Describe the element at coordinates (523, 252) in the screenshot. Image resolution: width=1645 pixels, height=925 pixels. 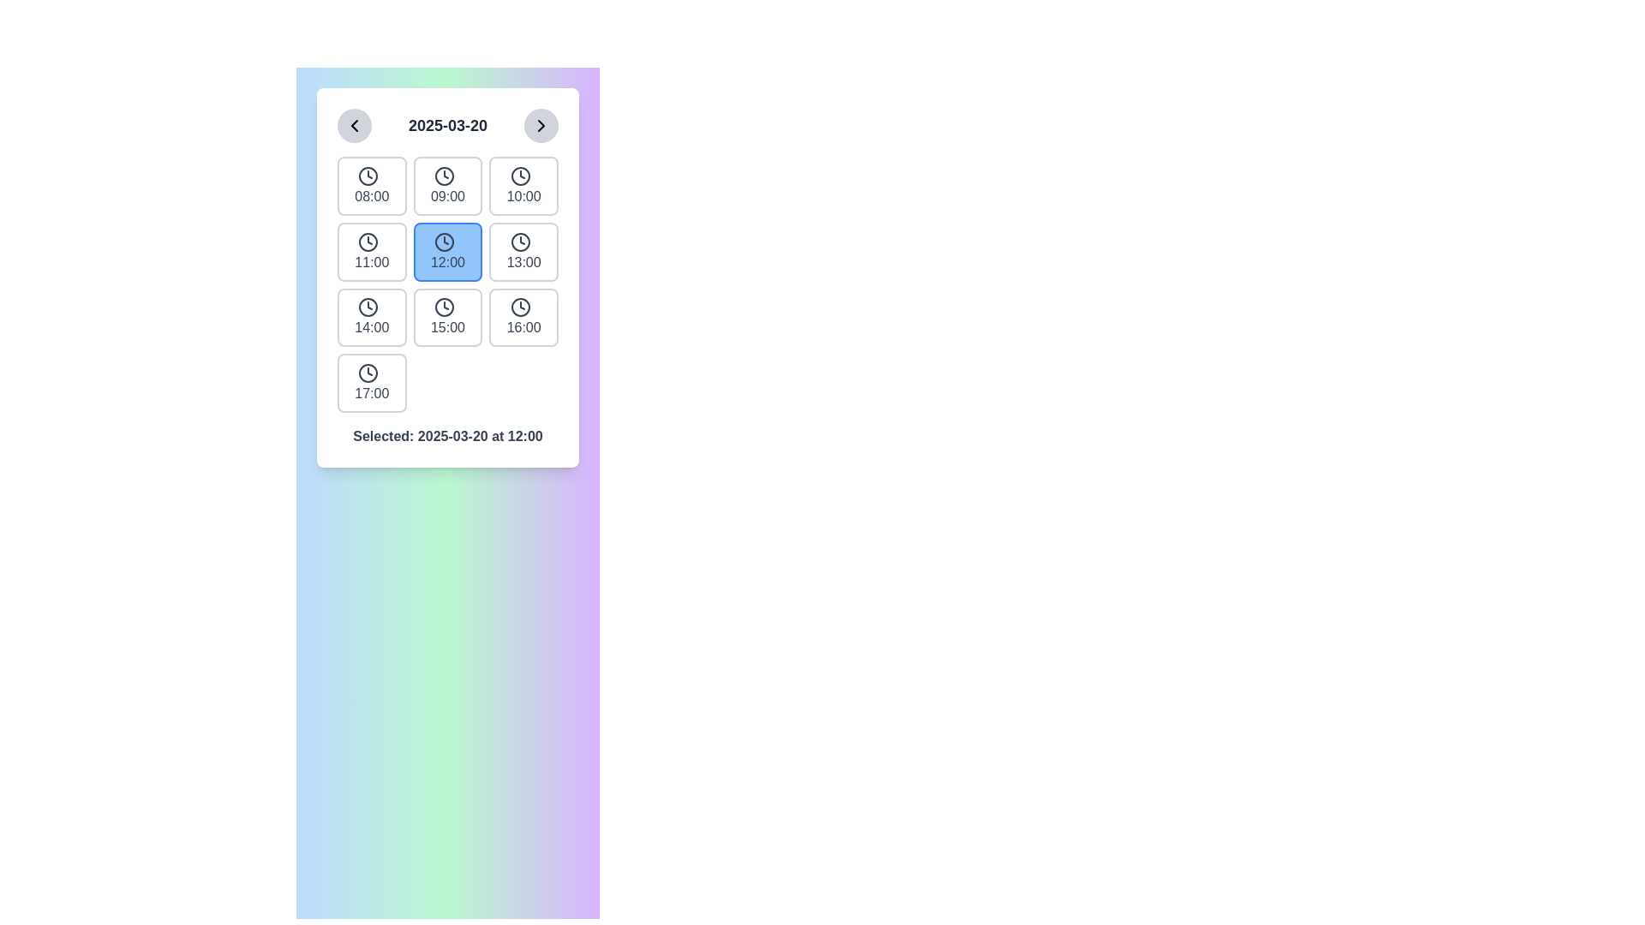
I see `the selectable time slot button labeled '13:00'` at that location.